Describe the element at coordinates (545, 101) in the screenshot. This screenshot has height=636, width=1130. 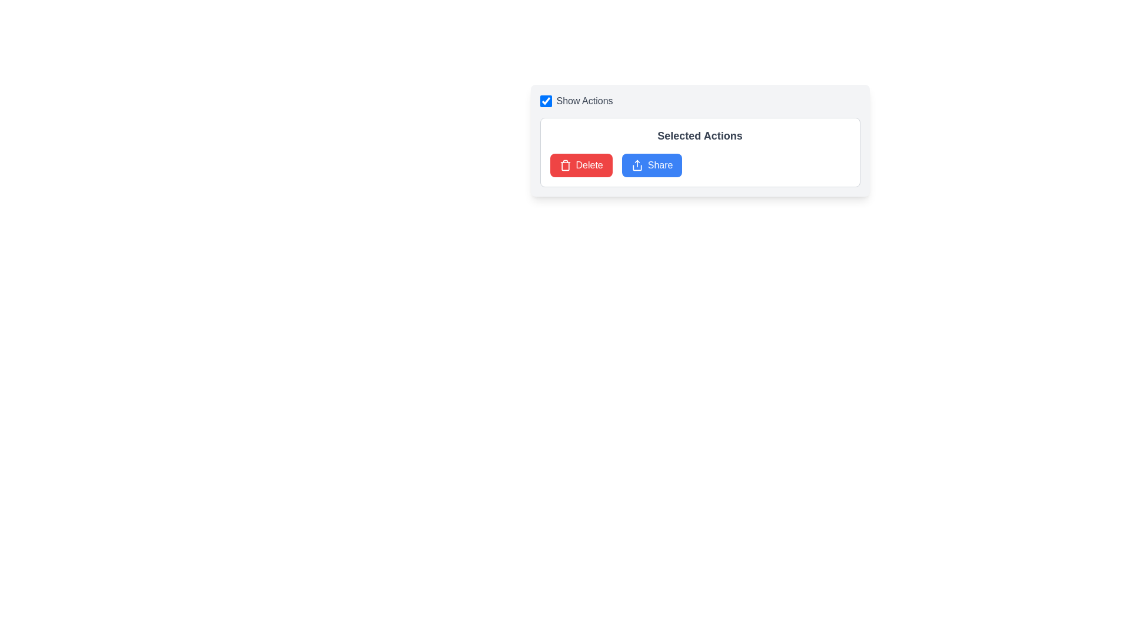
I see `the checkbox that toggles the visibility of the related section, located to the left of the 'Show Actions' text label` at that location.